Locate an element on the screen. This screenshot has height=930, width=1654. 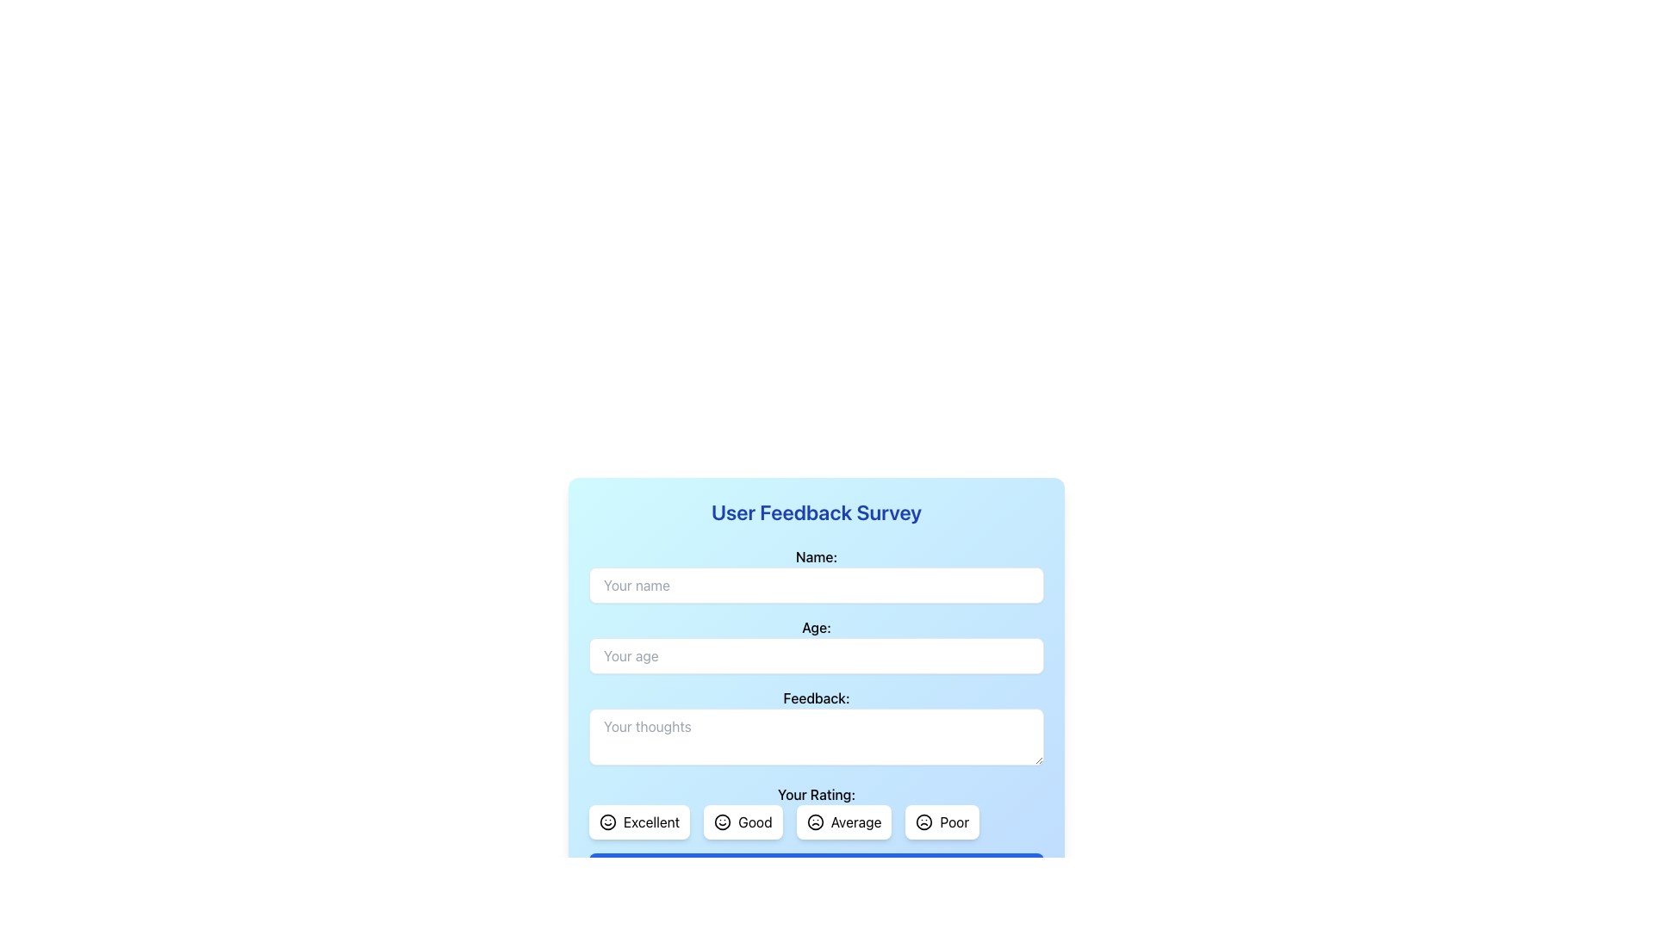
the sad face icon located in the 'Poor' rating section at the bottom-right of the form in the 'Your Rating:' row is located at coordinates (923, 821).